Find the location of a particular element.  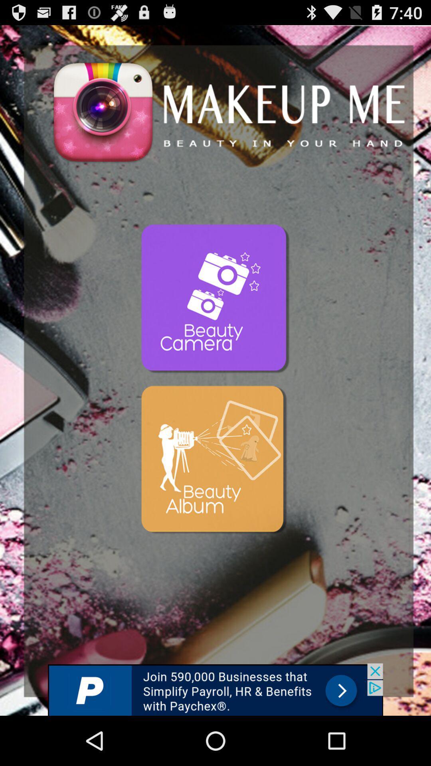

mobil app is located at coordinates (215, 461).